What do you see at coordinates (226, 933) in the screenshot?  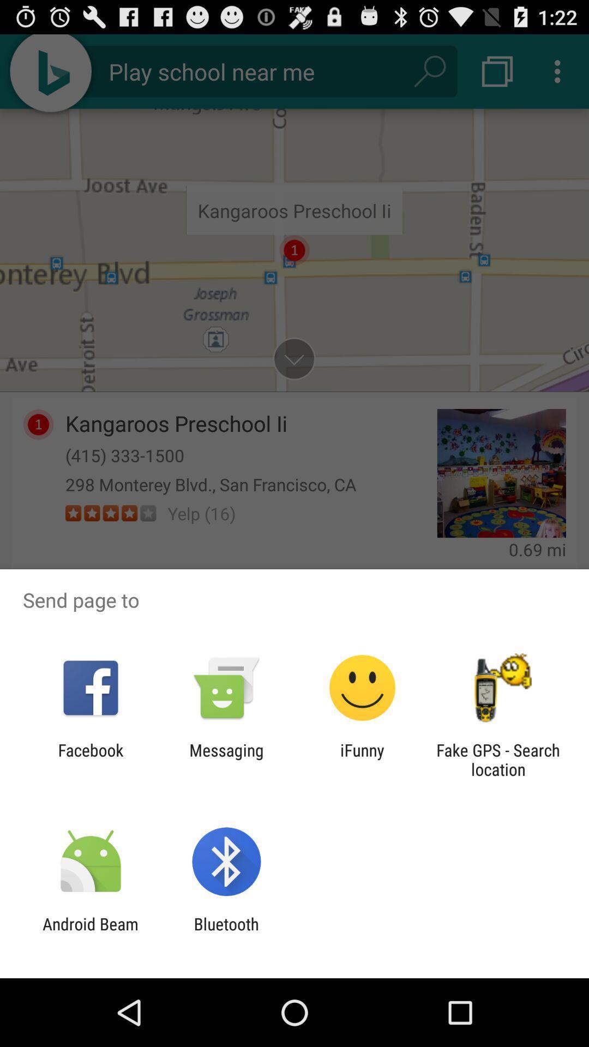 I see `item next to android beam` at bounding box center [226, 933].